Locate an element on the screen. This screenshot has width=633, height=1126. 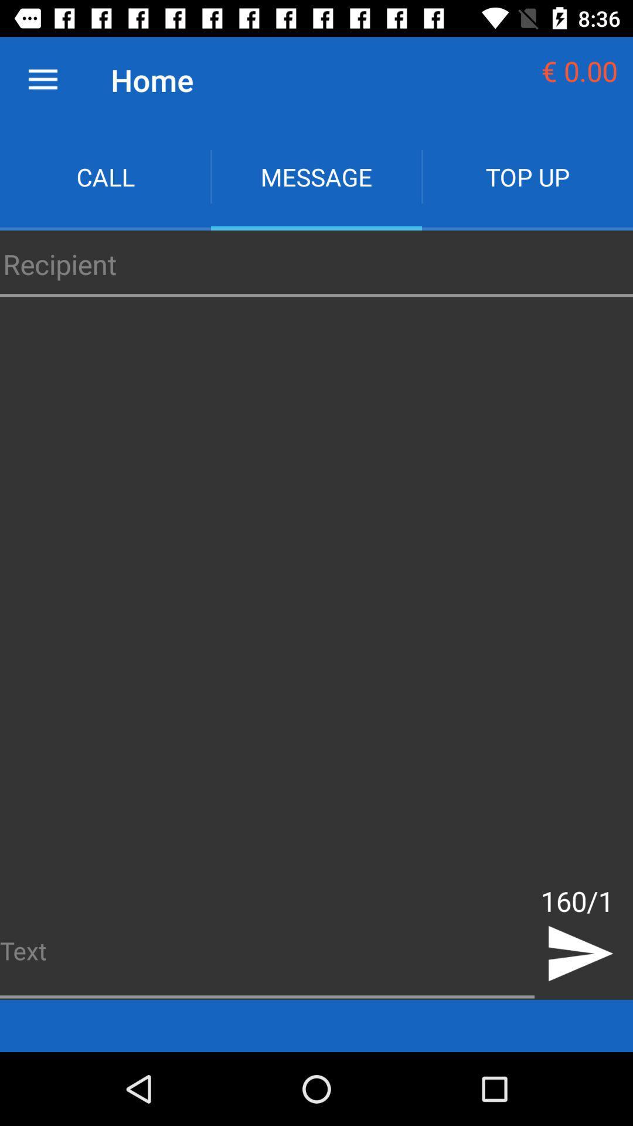
the app next to the message icon is located at coordinates (105, 176).